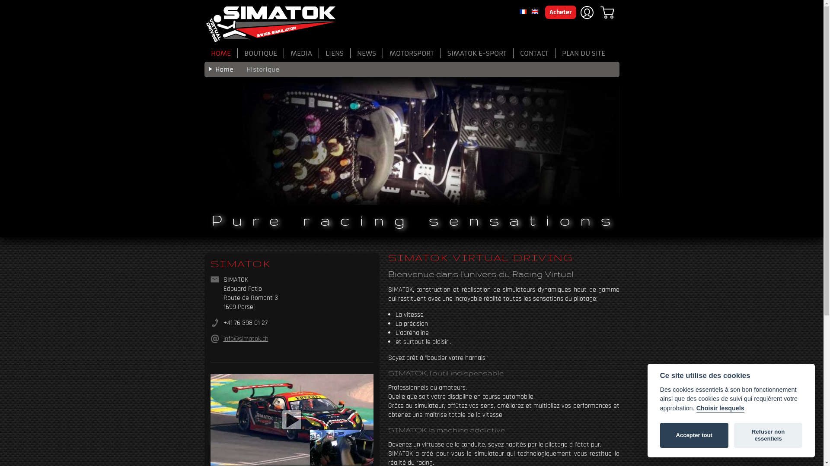  Describe the element at coordinates (366, 53) in the screenshot. I see `'NEWS'` at that location.